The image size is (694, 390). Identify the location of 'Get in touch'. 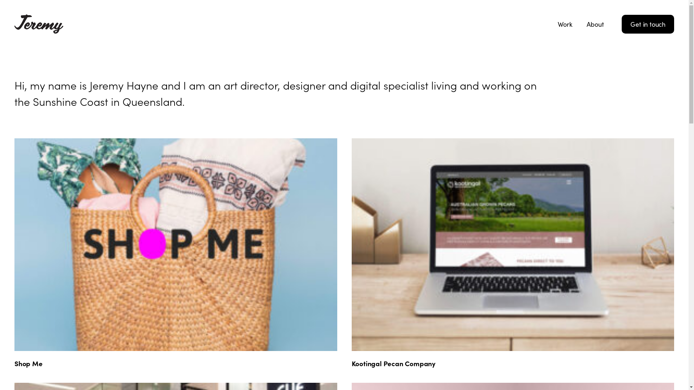
(648, 23).